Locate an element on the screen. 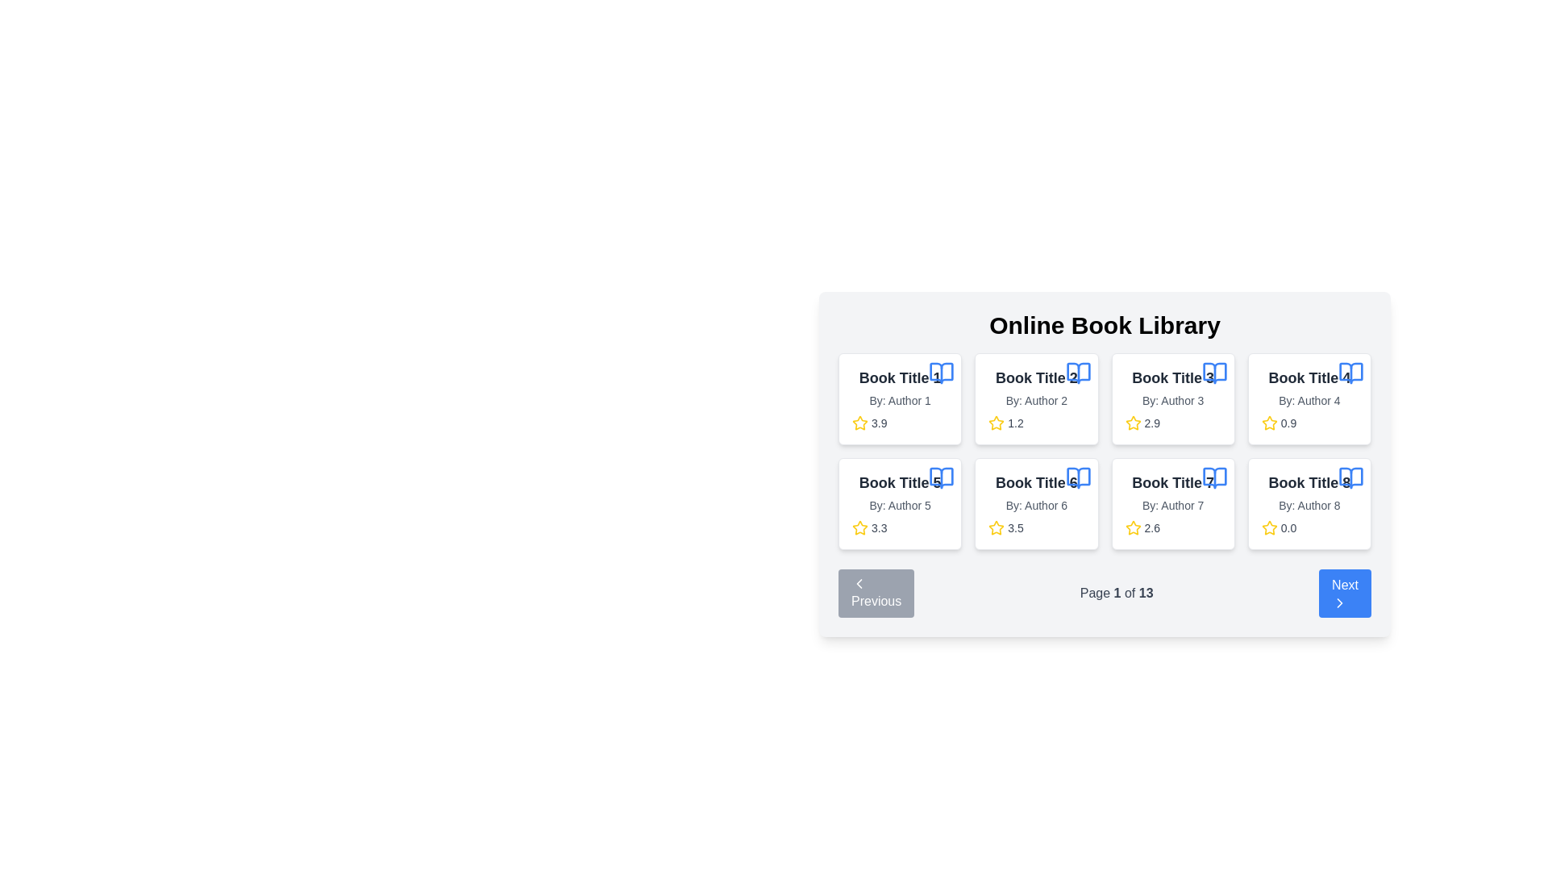  the star icon located in the middle of the third card in the book library layout, which indicates a rating of 2.9 is located at coordinates (1132, 422).